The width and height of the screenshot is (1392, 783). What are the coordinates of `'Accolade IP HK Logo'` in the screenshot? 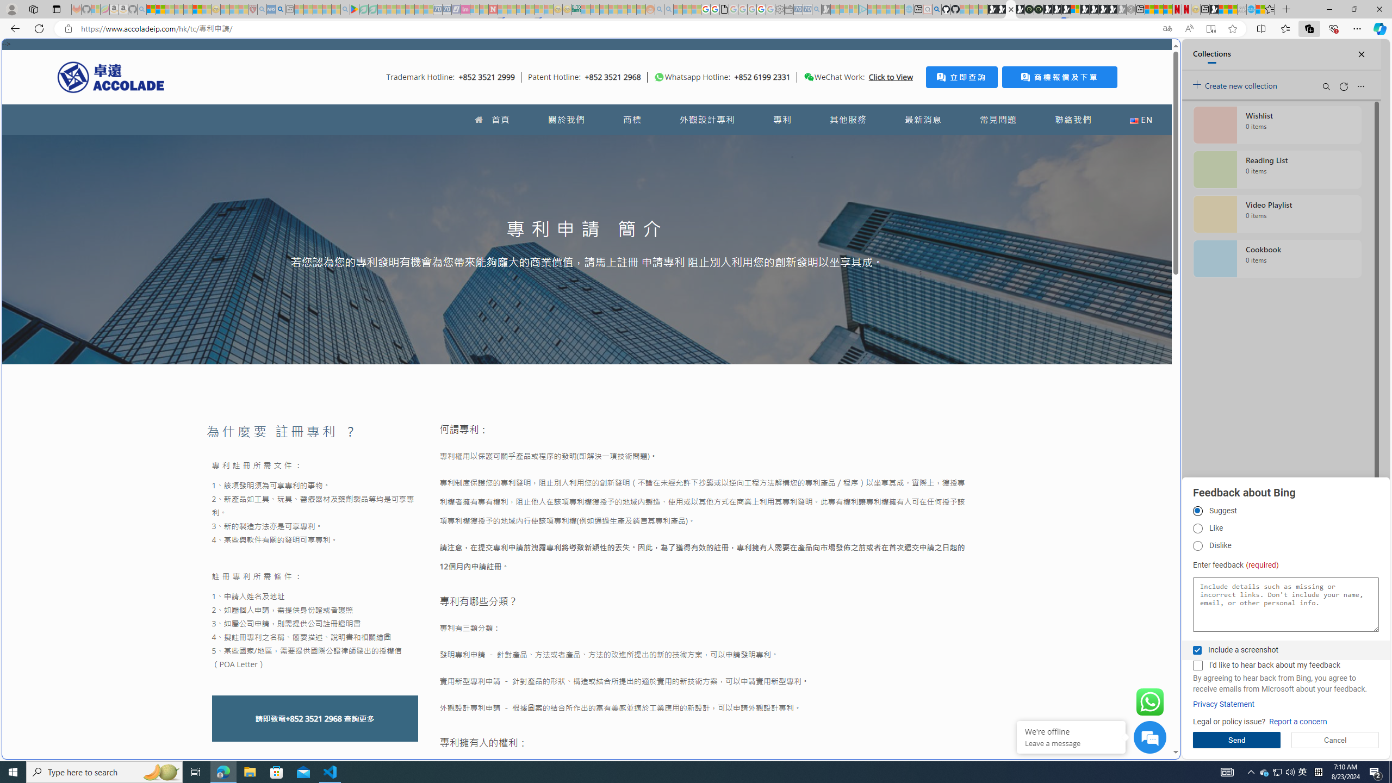 It's located at (110, 77).